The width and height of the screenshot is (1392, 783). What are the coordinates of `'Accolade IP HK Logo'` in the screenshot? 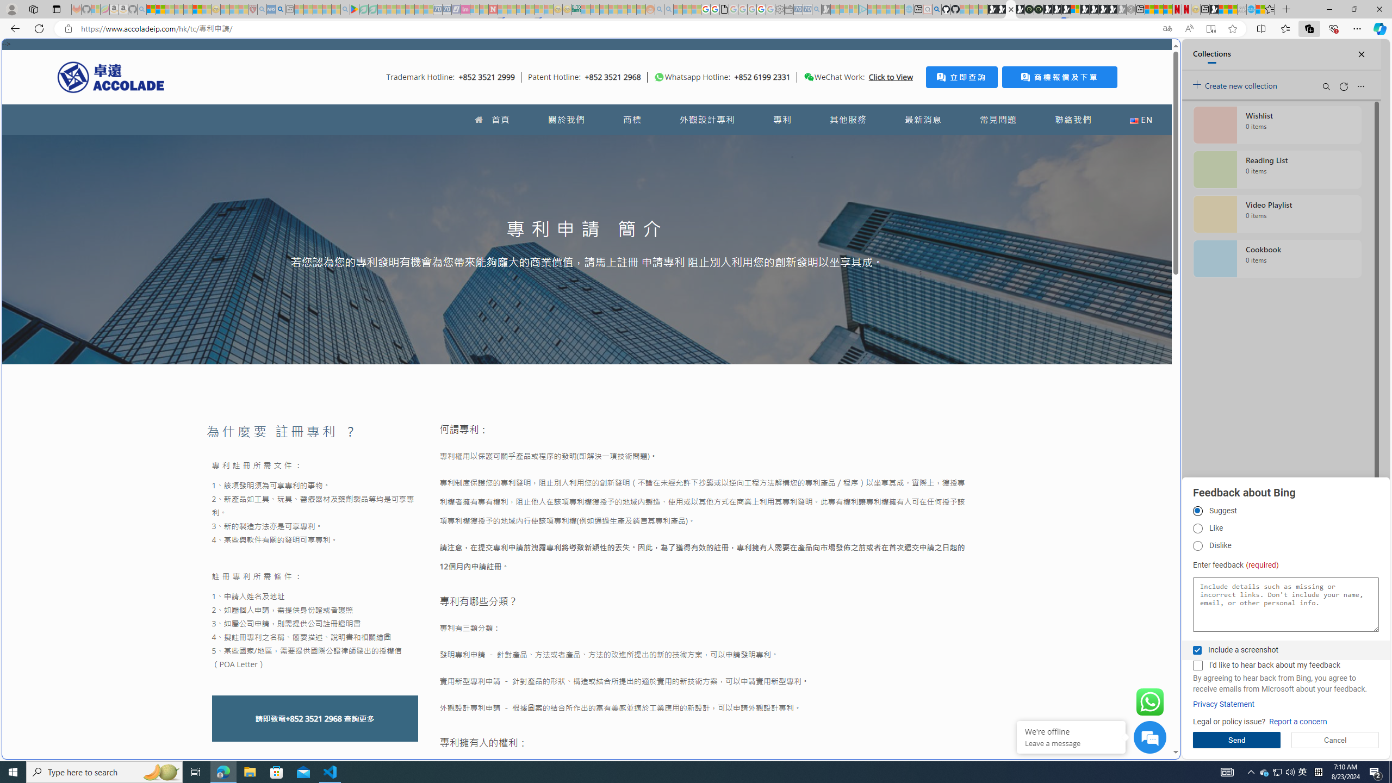 It's located at (110, 77).